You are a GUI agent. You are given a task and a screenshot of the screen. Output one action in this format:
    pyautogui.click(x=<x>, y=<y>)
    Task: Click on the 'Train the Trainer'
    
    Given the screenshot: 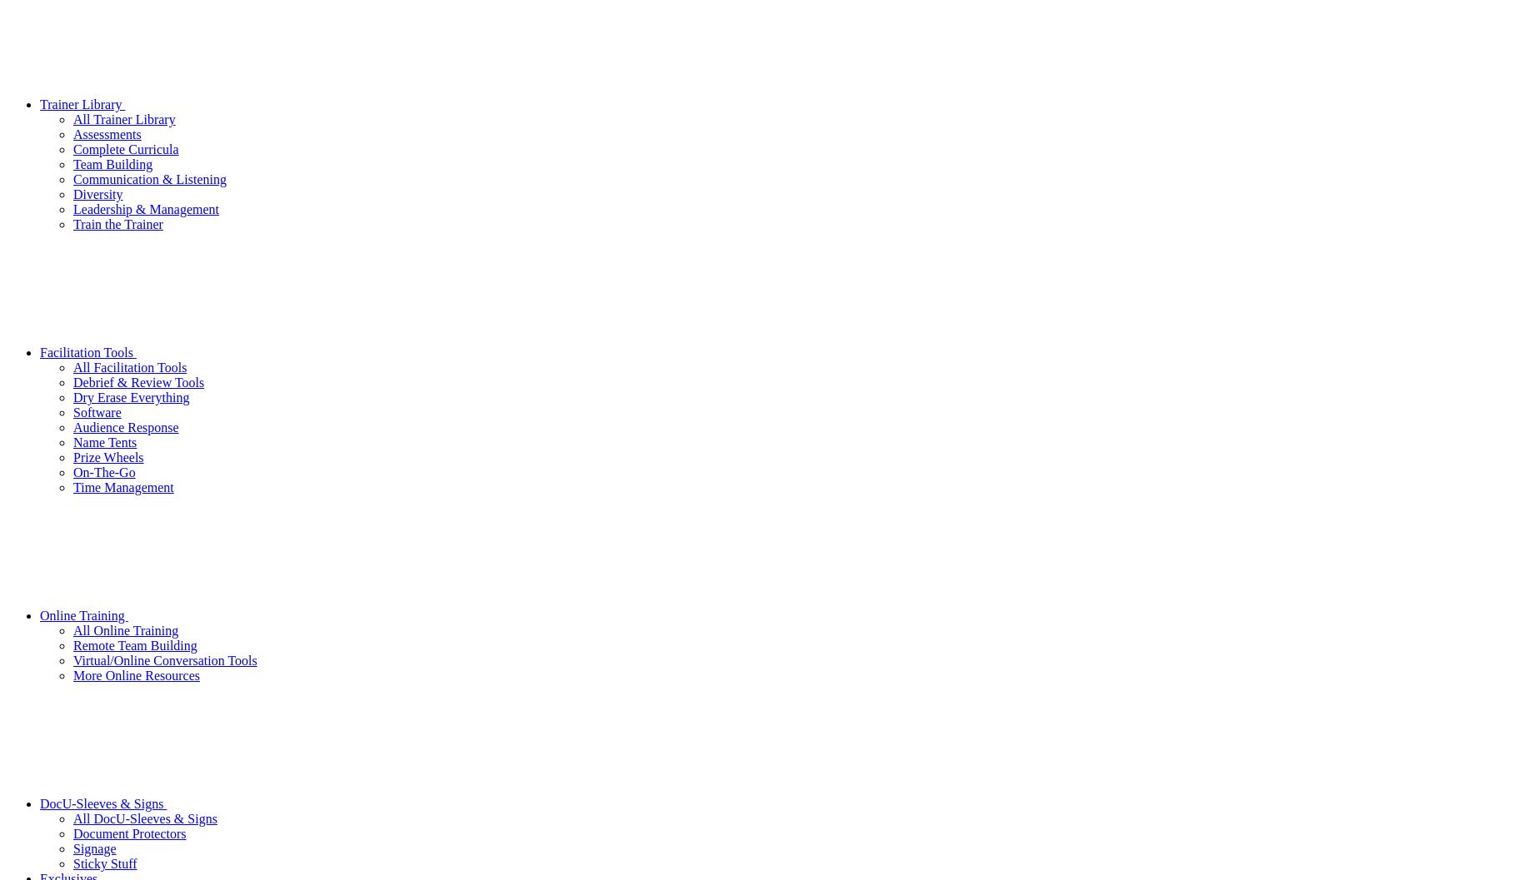 What is the action you would take?
    pyautogui.click(x=117, y=222)
    